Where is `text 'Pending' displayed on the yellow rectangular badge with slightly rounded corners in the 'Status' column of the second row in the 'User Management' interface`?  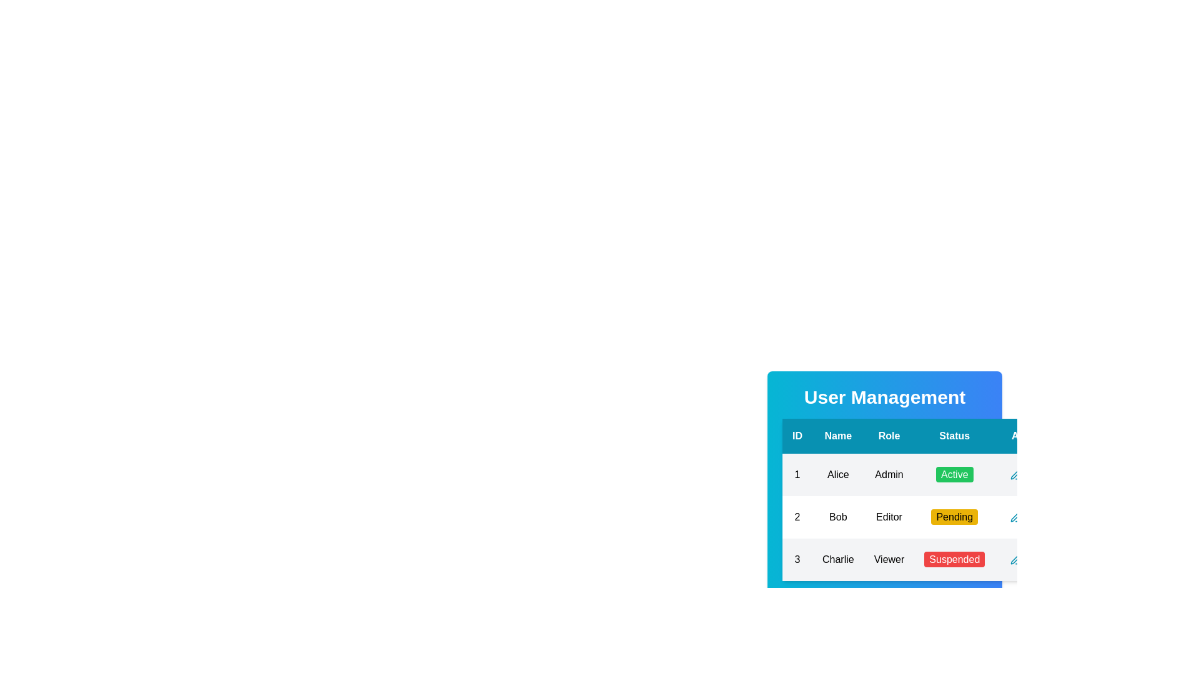 text 'Pending' displayed on the yellow rectangular badge with slightly rounded corners in the 'Status' column of the second row in the 'User Management' interface is located at coordinates (954, 517).